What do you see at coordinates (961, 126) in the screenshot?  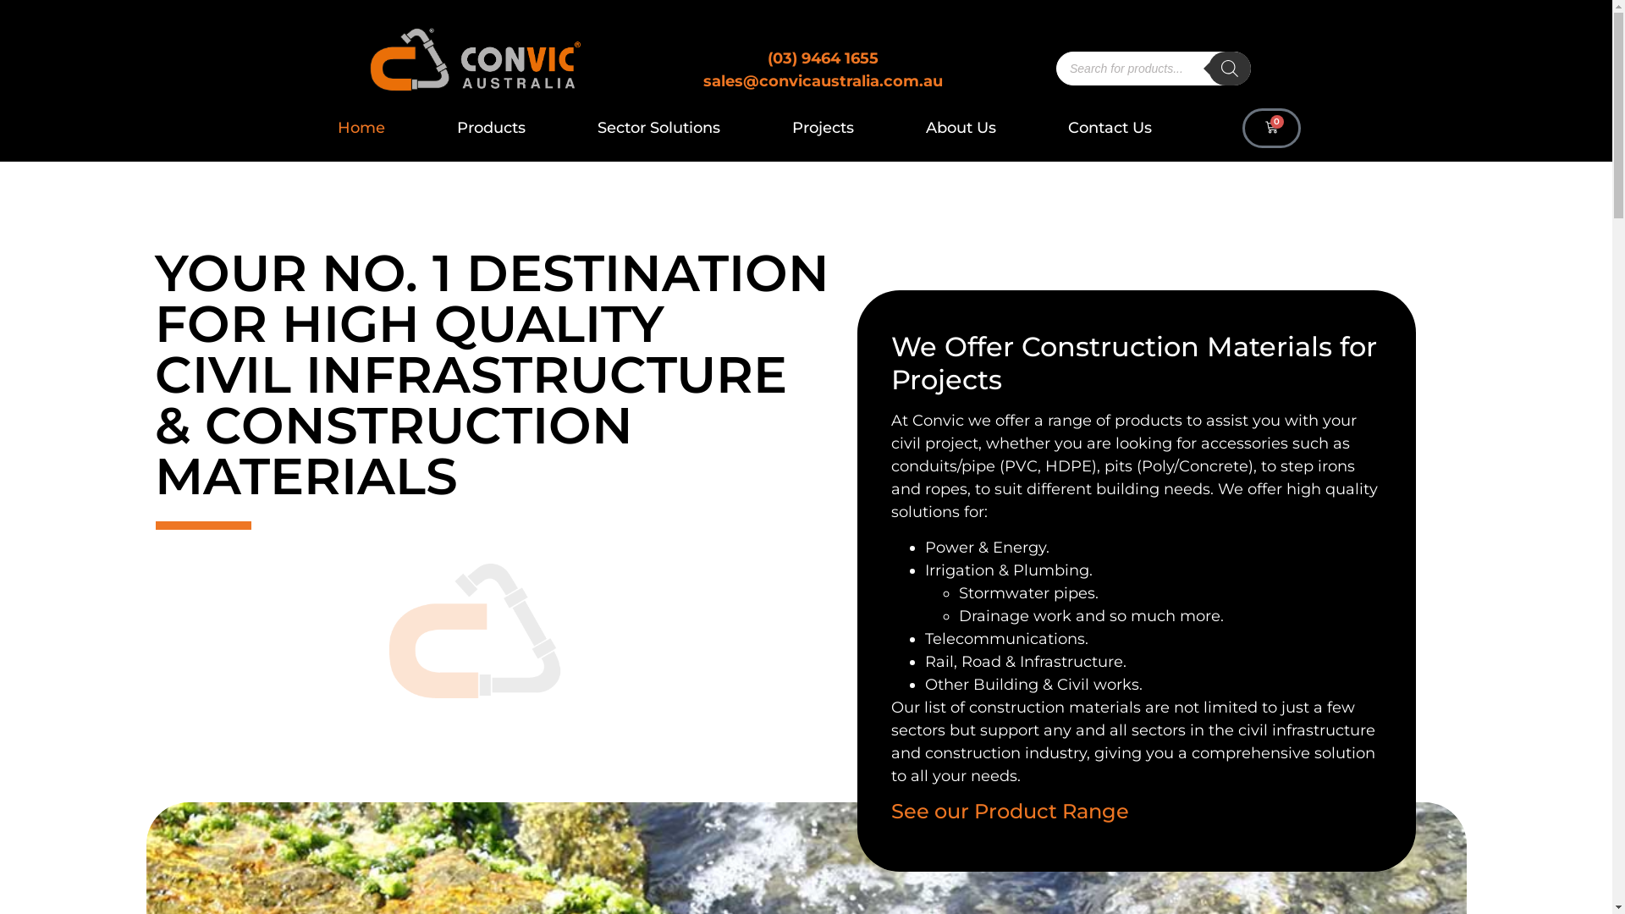 I see `'About Us'` at bounding box center [961, 126].